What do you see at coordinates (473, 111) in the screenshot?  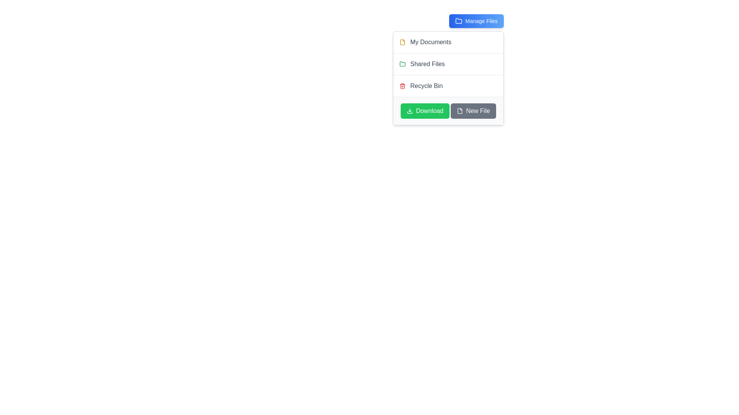 I see `the 'New File' button, which is a rectangular button with a dark gray background, rounded corners, and white text` at bounding box center [473, 111].